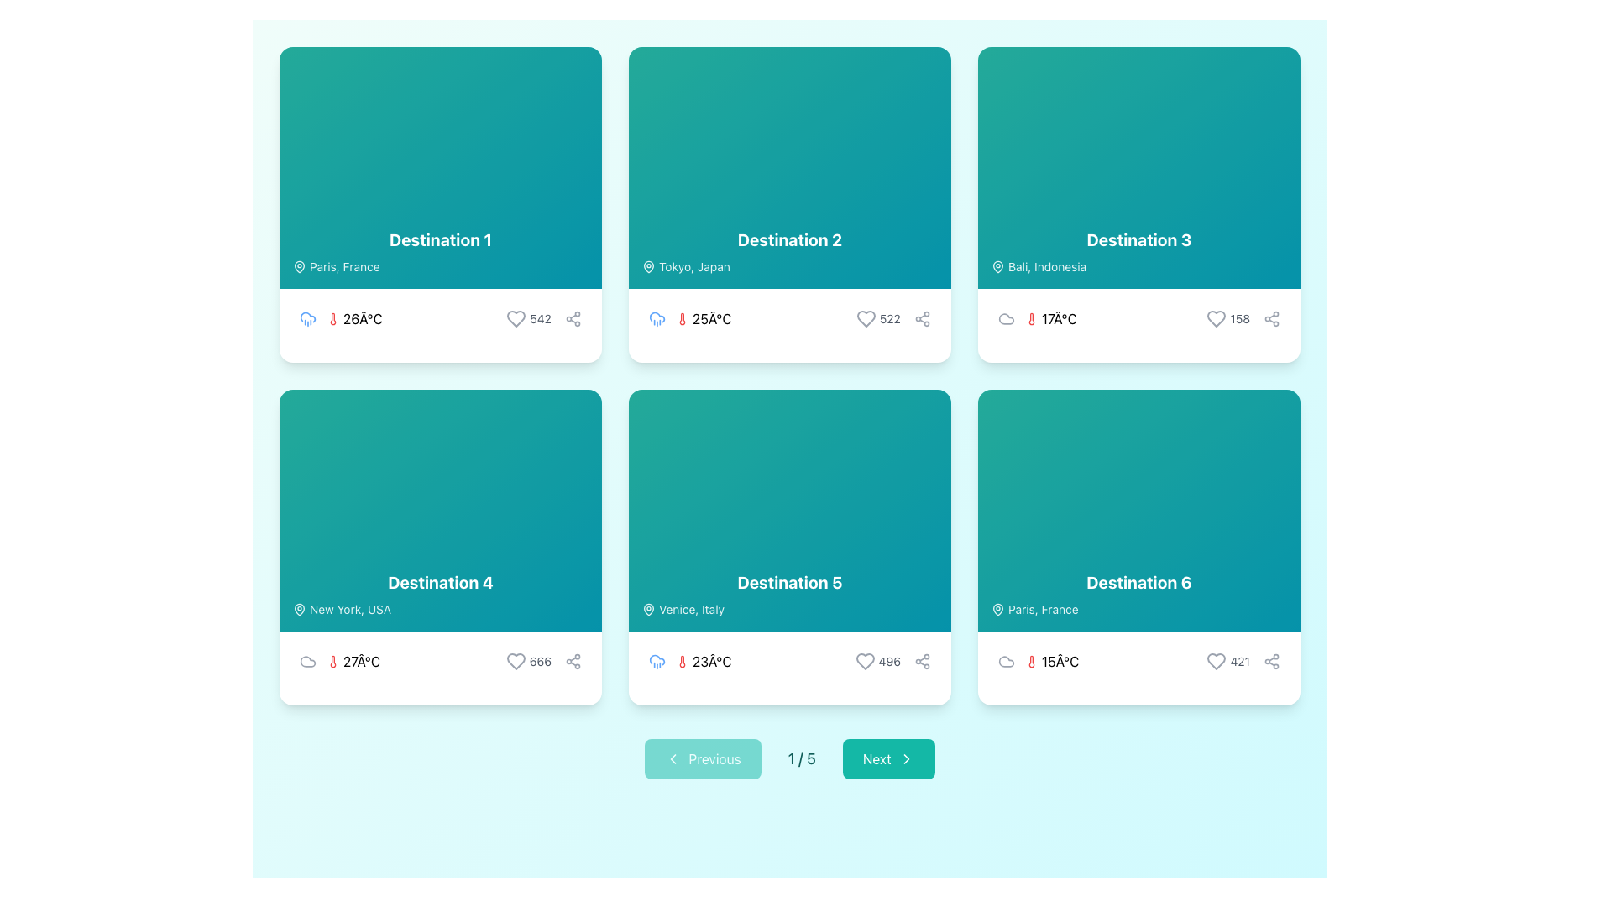  What do you see at coordinates (527, 660) in the screenshot?
I see `the like count displayed on the button located in the bottom-right corner of the 'Destination 4' card, adjacent to the temperature display` at bounding box center [527, 660].